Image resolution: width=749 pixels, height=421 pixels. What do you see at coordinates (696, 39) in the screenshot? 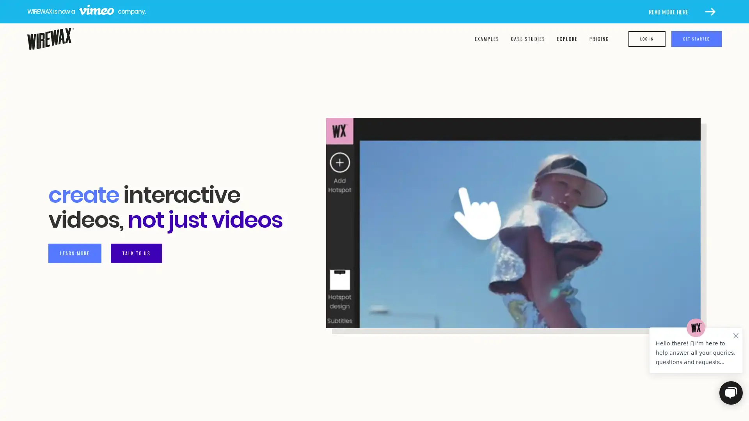
I see `GET STARTED` at bounding box center [696, 39].